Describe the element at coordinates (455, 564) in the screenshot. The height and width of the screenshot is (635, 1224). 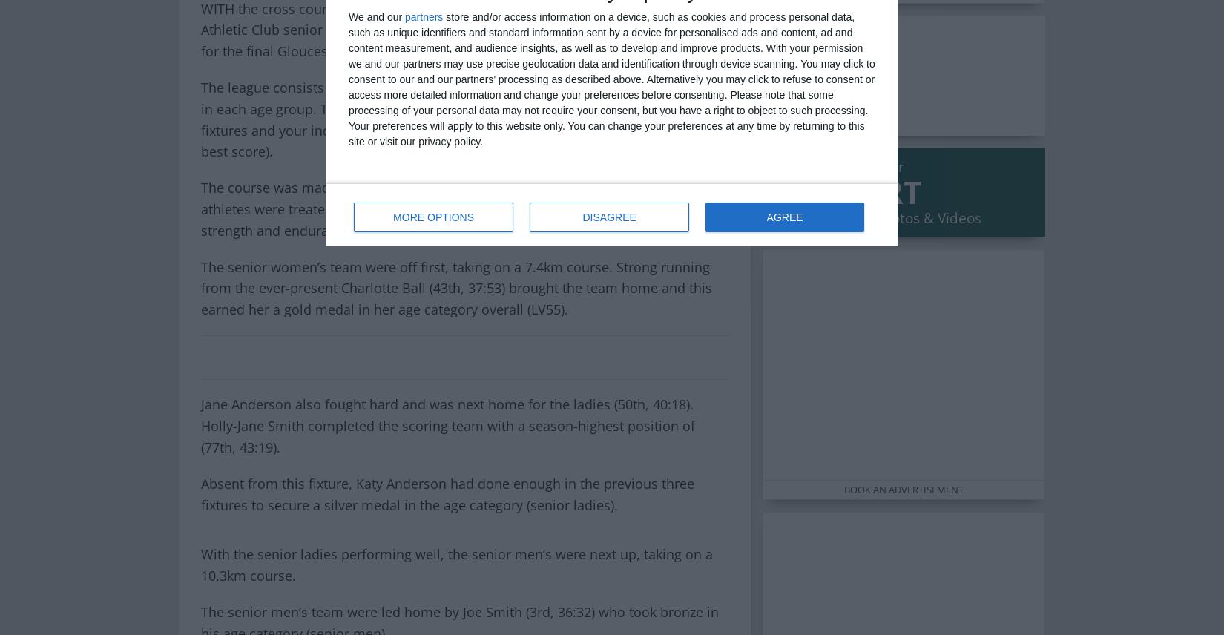
I see `'With the senior ladies performing well, the senior men’s were next up, taking on a 10.3km course.'` at that location.